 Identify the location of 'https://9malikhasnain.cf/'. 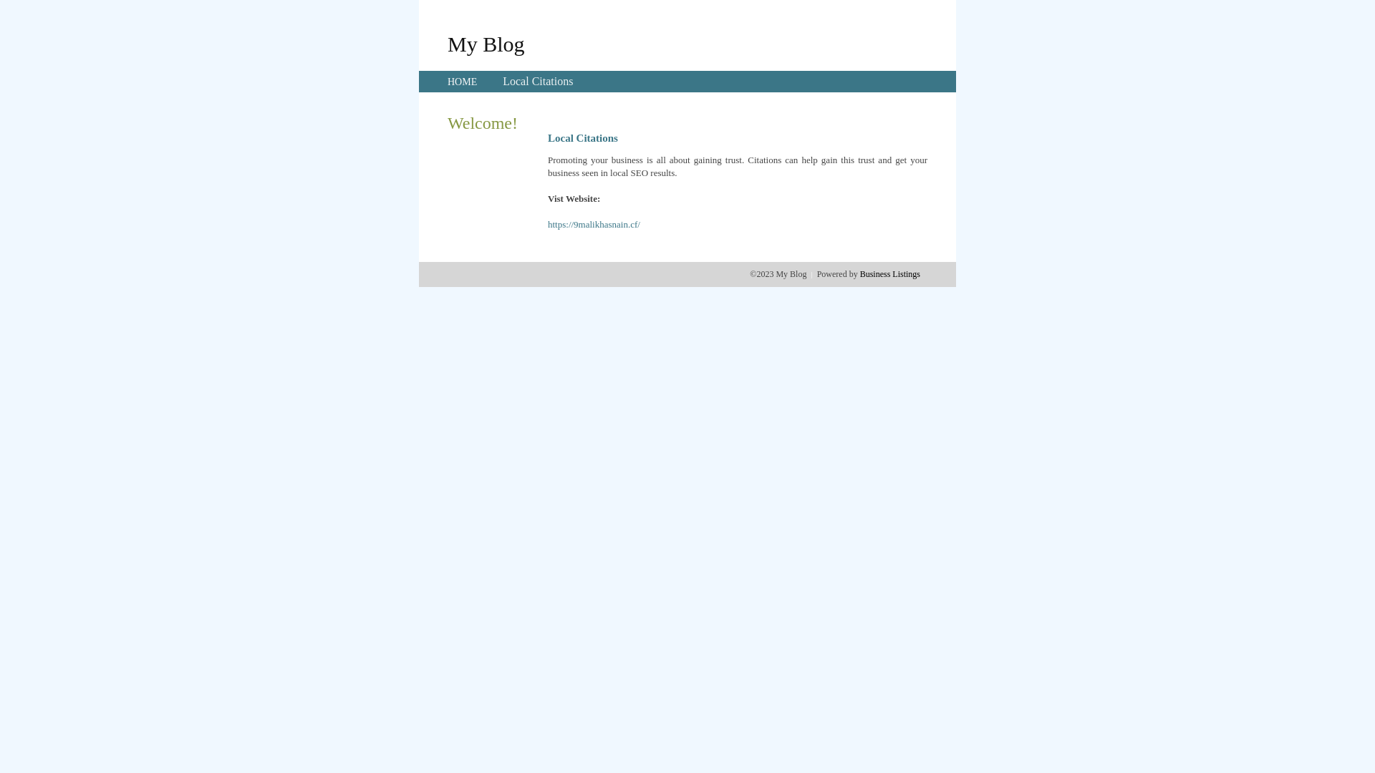
(546, 224).